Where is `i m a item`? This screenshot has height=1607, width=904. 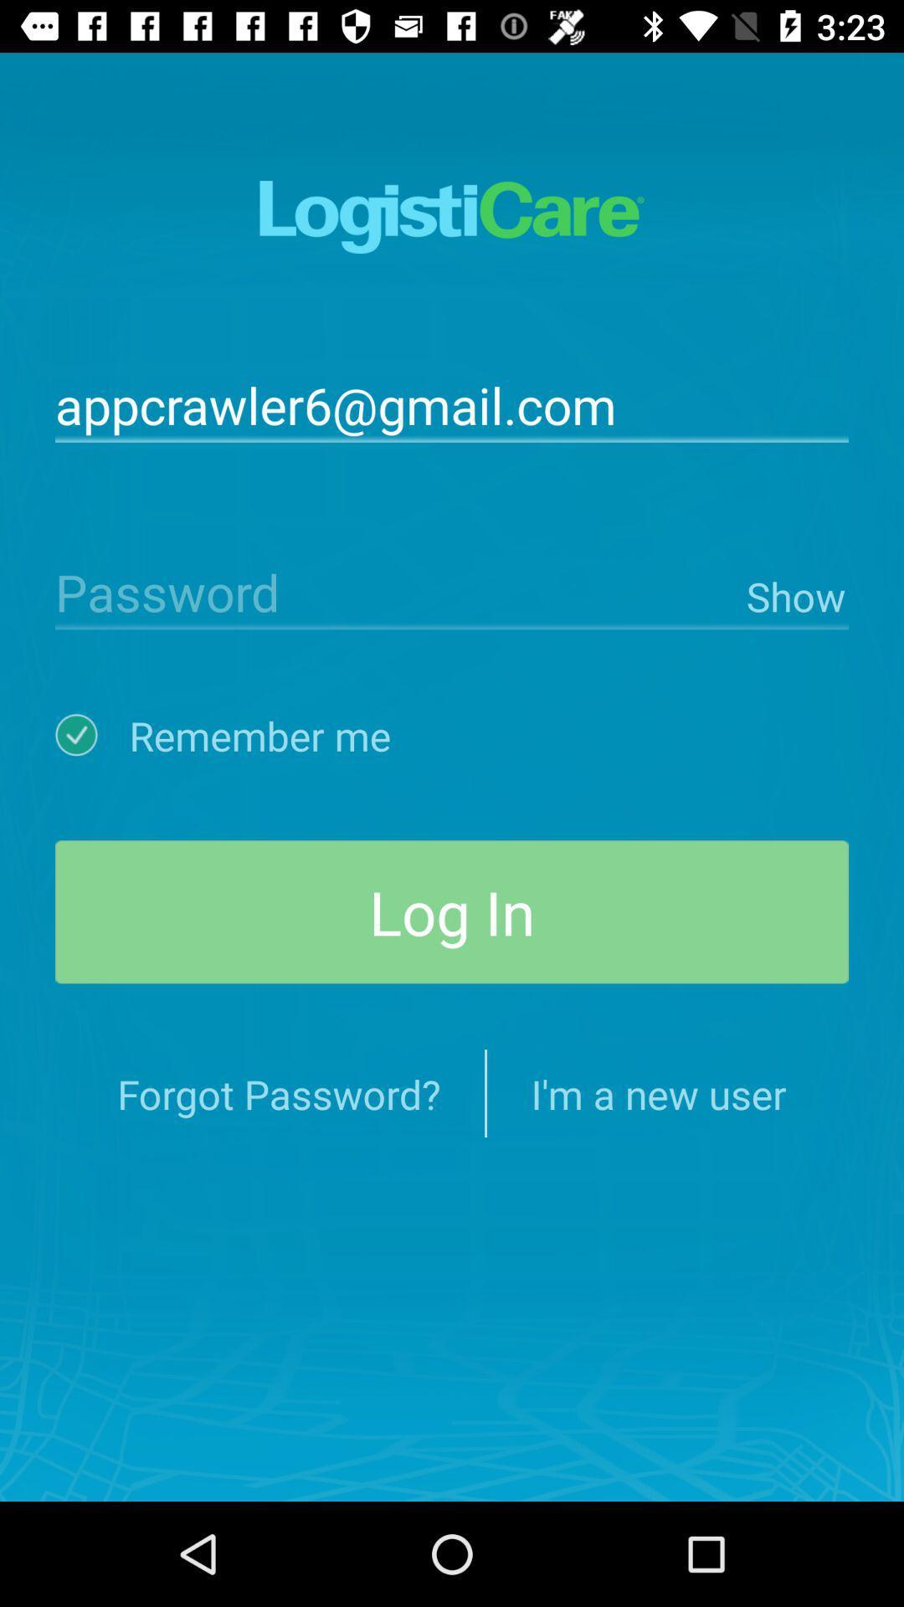 i m a item is located at coordinates (658, 1093).